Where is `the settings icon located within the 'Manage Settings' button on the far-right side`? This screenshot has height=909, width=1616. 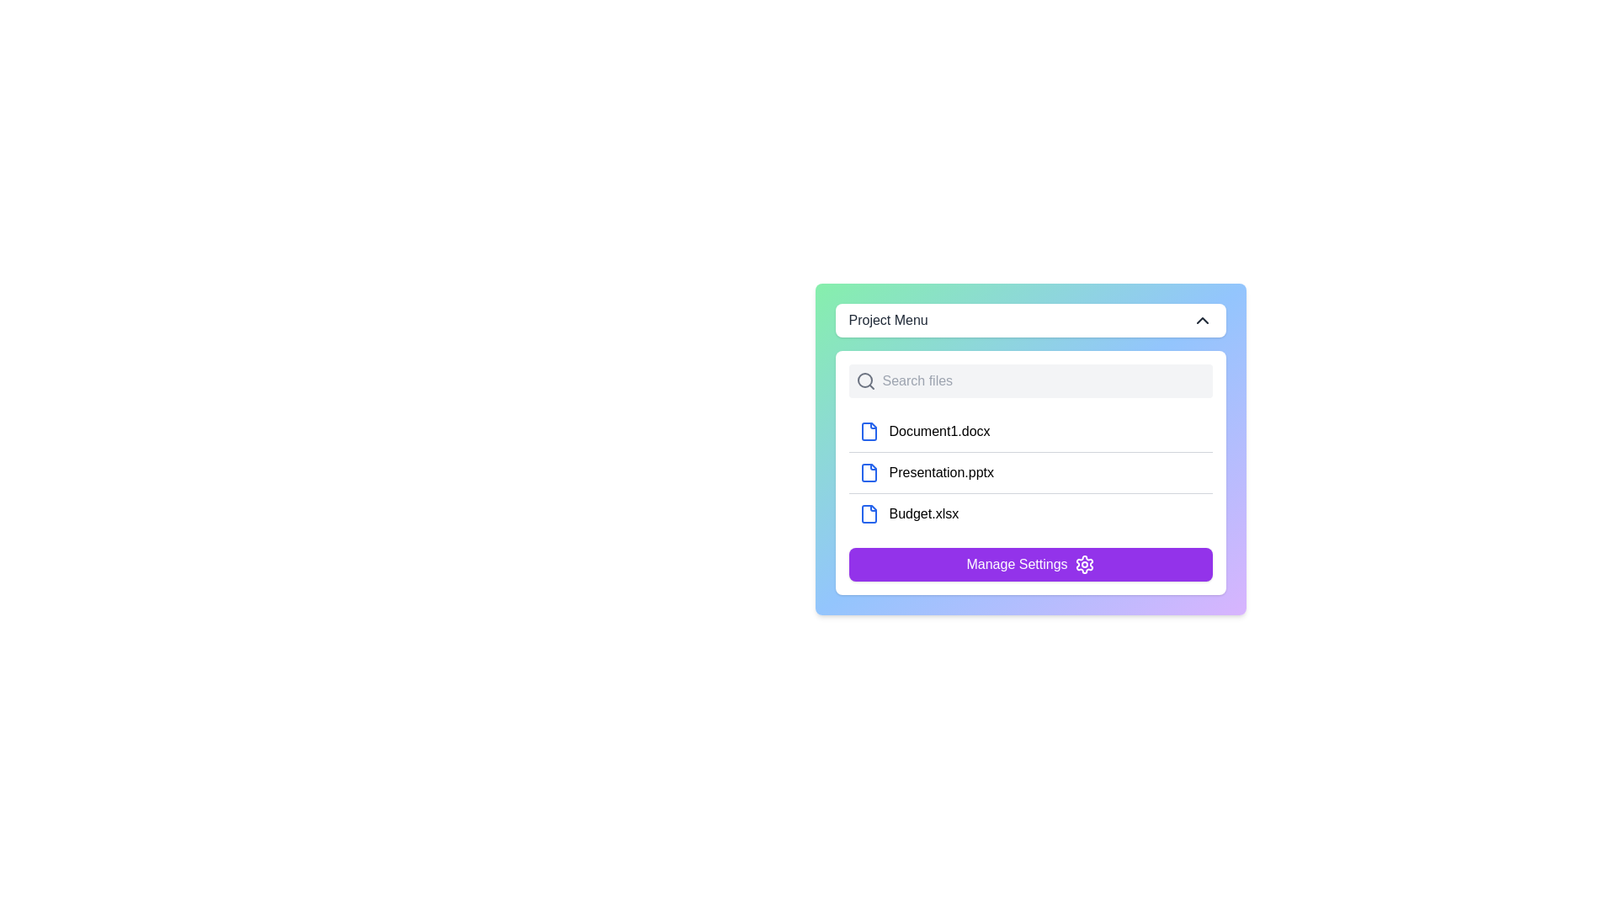
the settings icon located within the 'Manage Settings' button on the far-right side is located at coordinates (1083, 565).